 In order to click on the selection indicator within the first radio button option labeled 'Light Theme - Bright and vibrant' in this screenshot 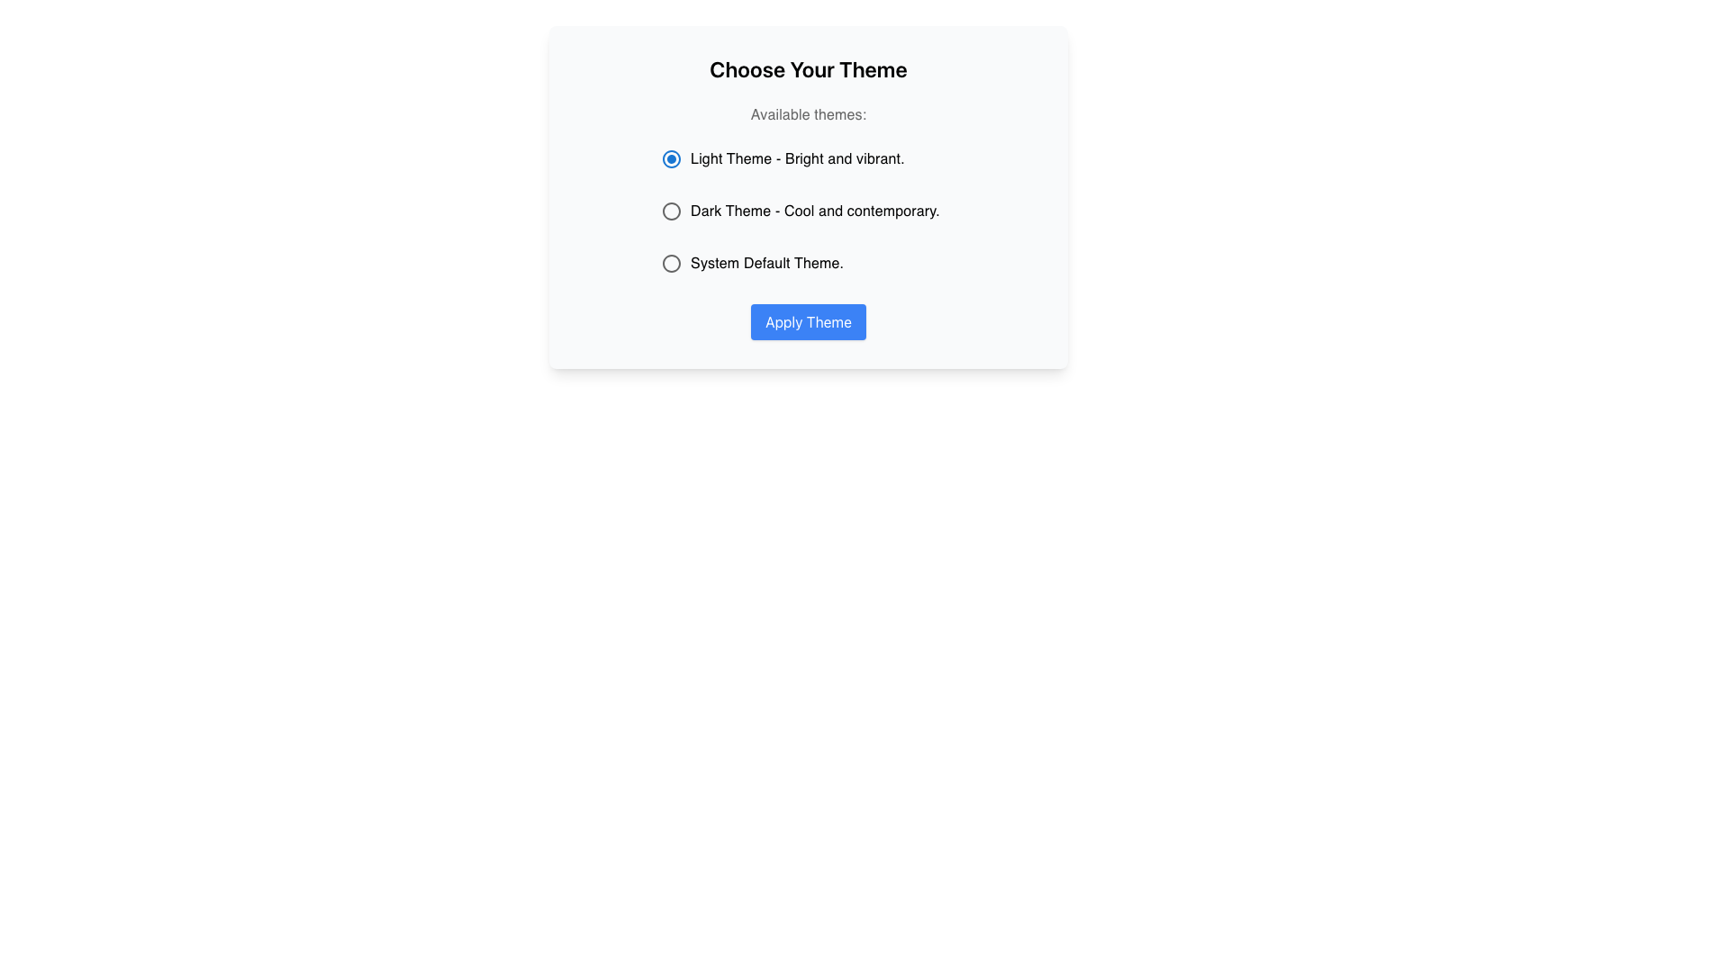, I will do `click(671, 158)`.